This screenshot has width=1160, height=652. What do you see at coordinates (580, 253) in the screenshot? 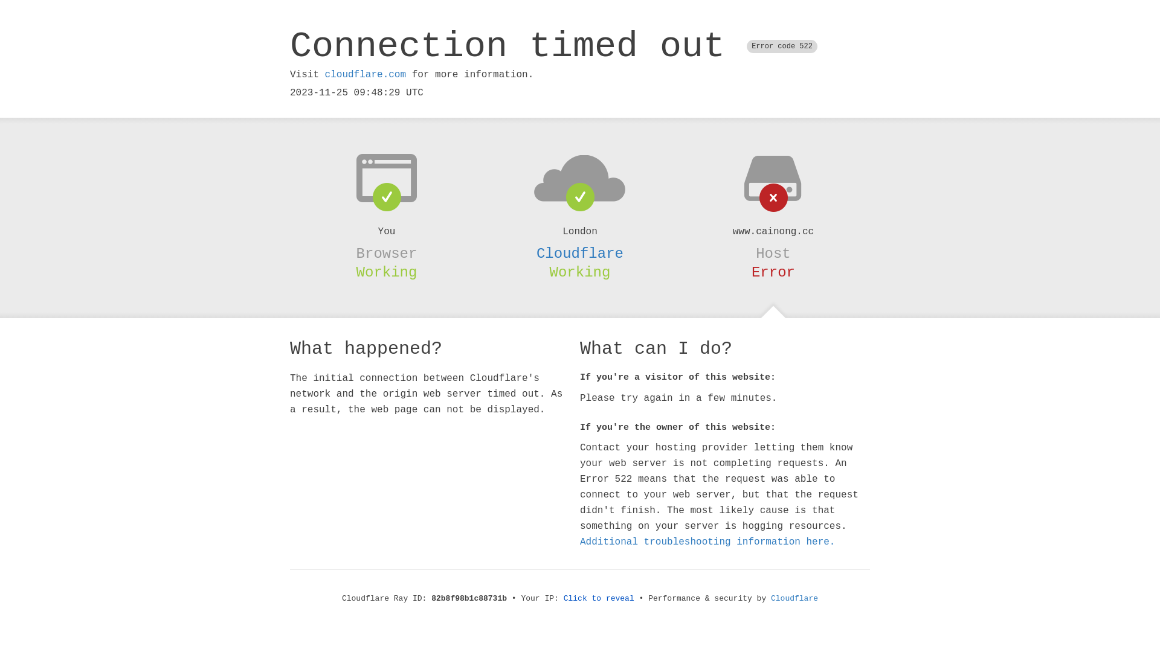
I see `'Cloudflare'` at bounding box center [580, 253].